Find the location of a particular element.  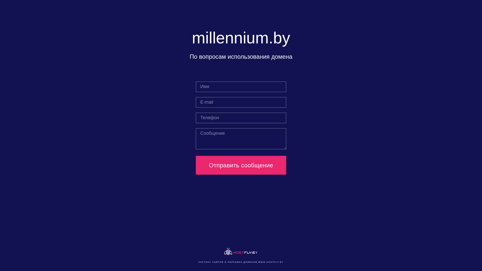

'WWW.HOSTFLY.BY' is located at coordinates (271, 262).